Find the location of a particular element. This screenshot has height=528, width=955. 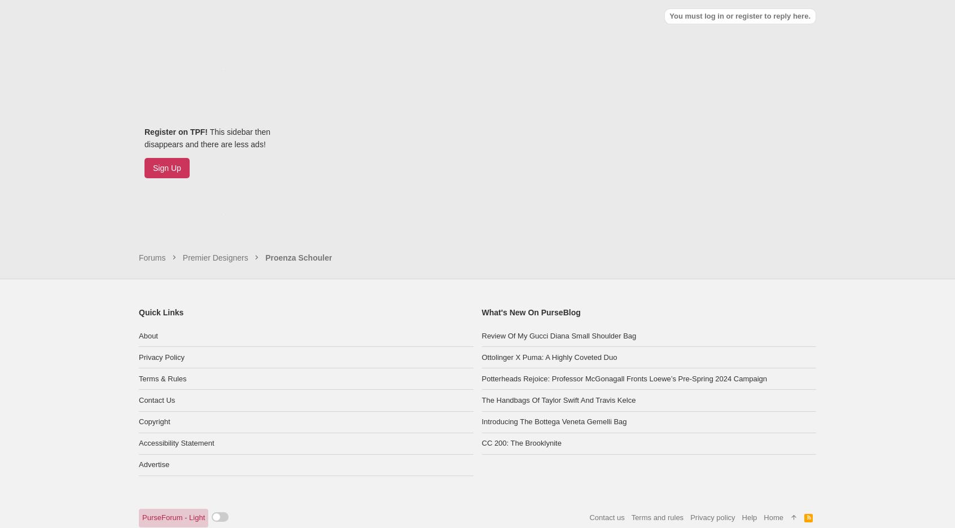

'Help' is located at coordinates (748, 461).